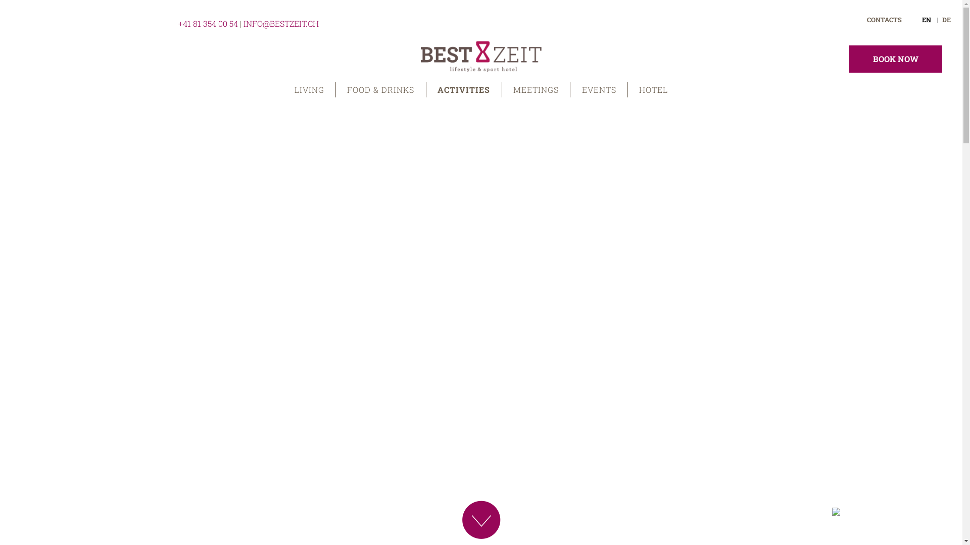 The width and height of the screenshot is (970, 545). I want to click on 'CONTACTS', so click(866, 19).